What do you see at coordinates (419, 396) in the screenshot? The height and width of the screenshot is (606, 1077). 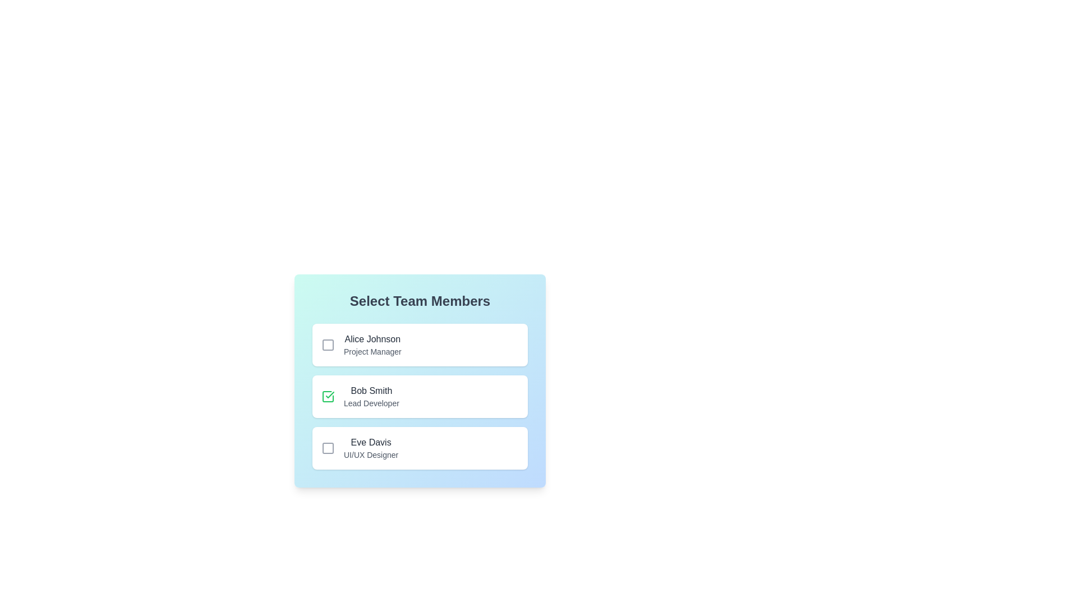 I see `the list item displaying 'Bob Smith' with a checkbox to navigate through team members` at bounding box center [419, 396].